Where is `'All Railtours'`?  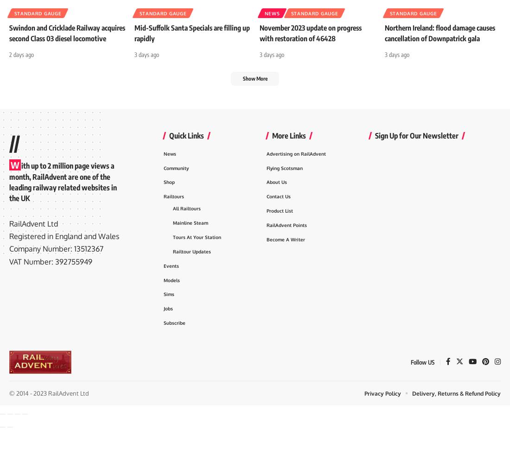
'All Railtours' is located at coordinates (187, 228).